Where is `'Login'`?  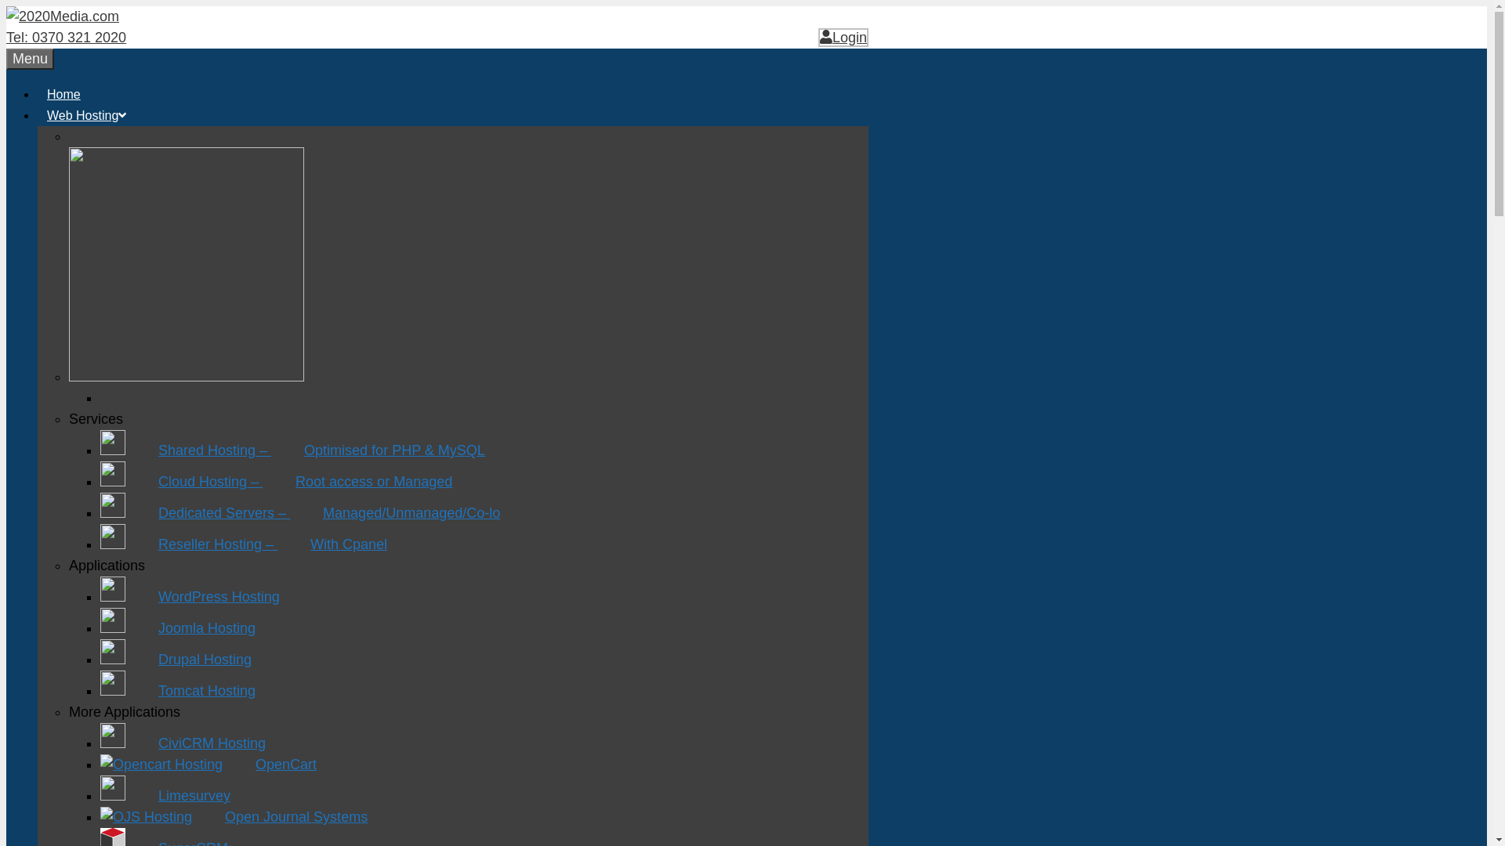 'Login' is located at coordinates (842, 36).